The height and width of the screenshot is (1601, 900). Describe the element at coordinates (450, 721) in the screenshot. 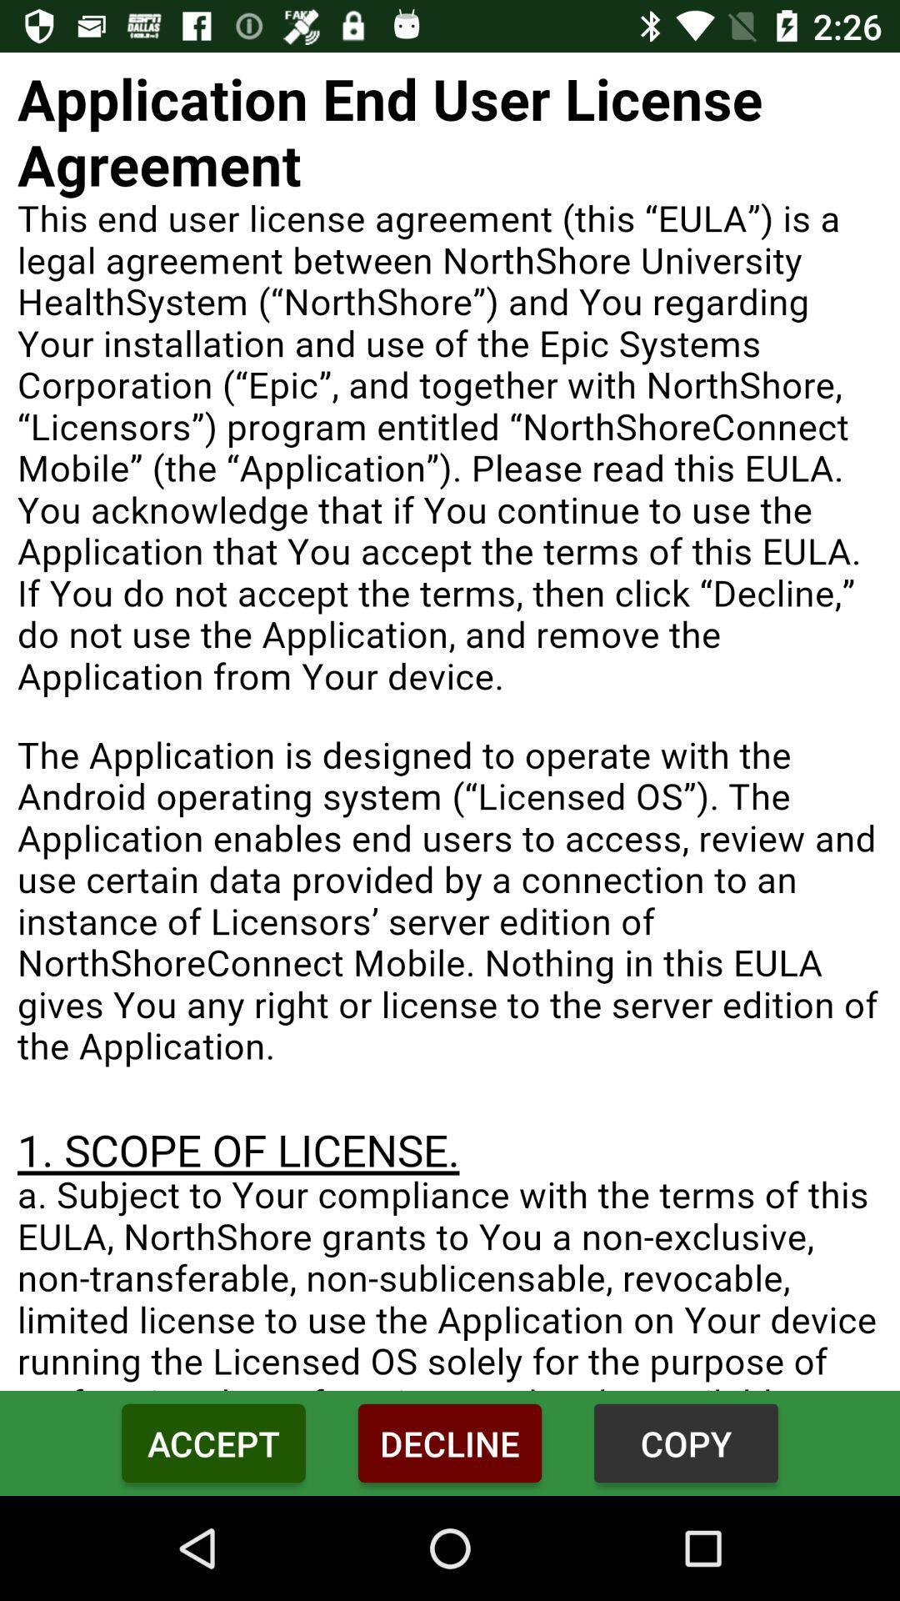

I see `screen` at that location.